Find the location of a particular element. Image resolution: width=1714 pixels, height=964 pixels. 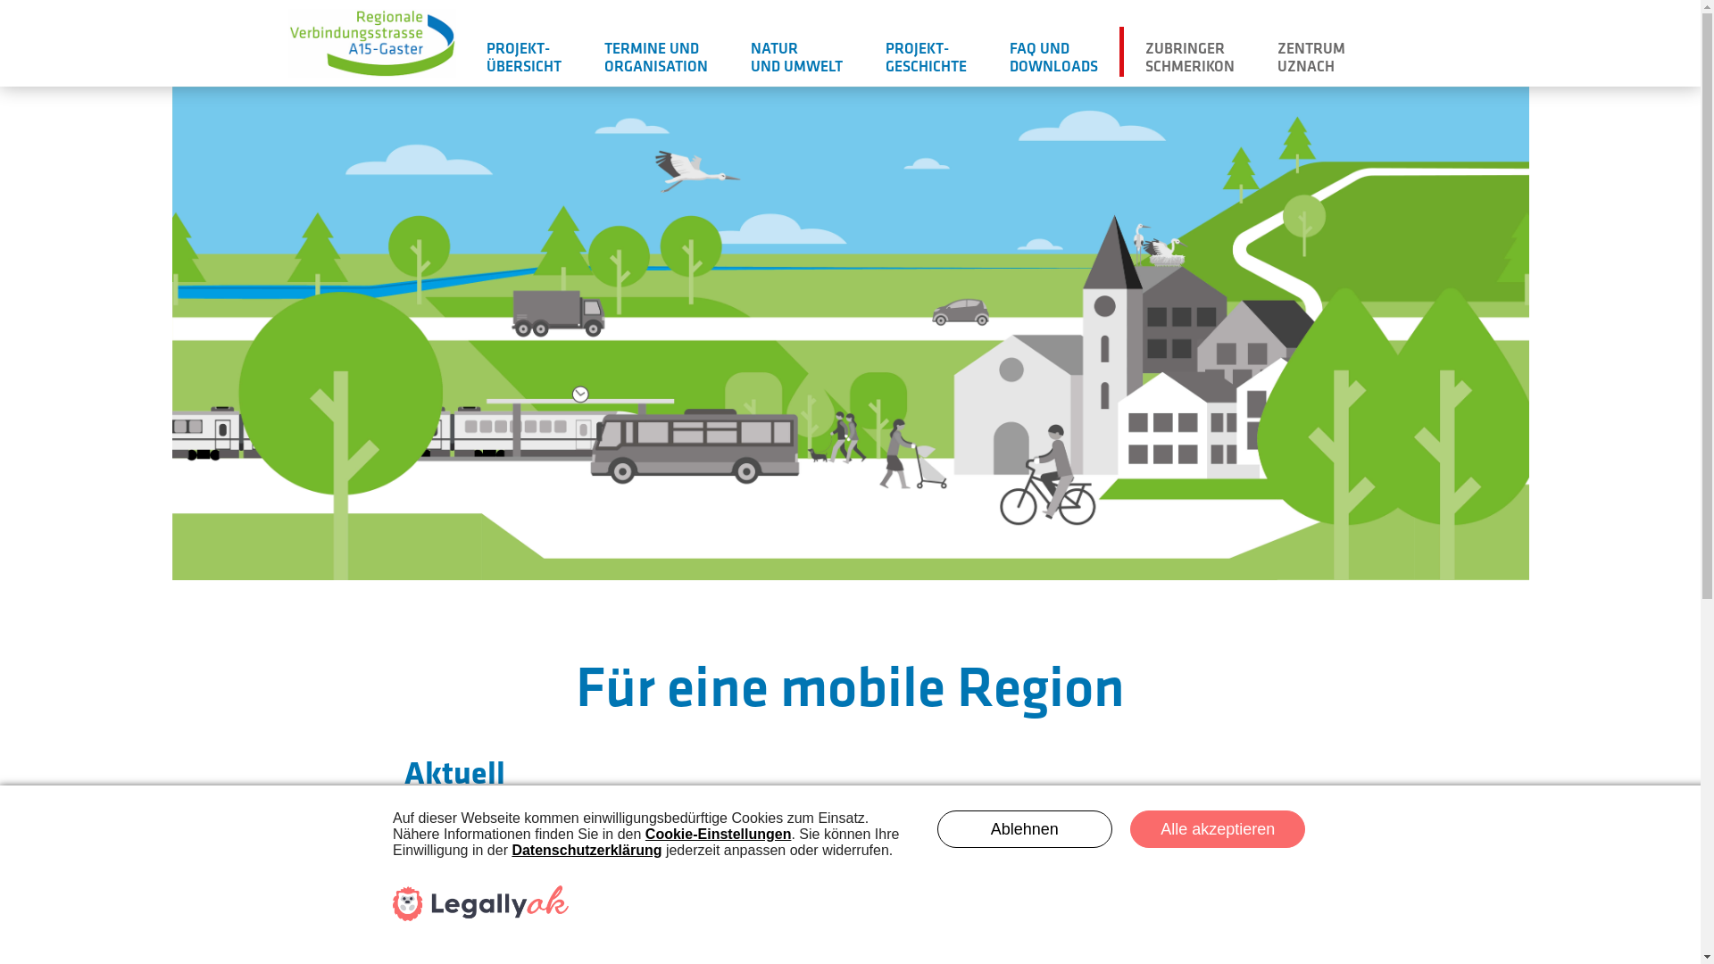

'TERMINE UND ORGANISATION' is located at coordinates (654, 54).